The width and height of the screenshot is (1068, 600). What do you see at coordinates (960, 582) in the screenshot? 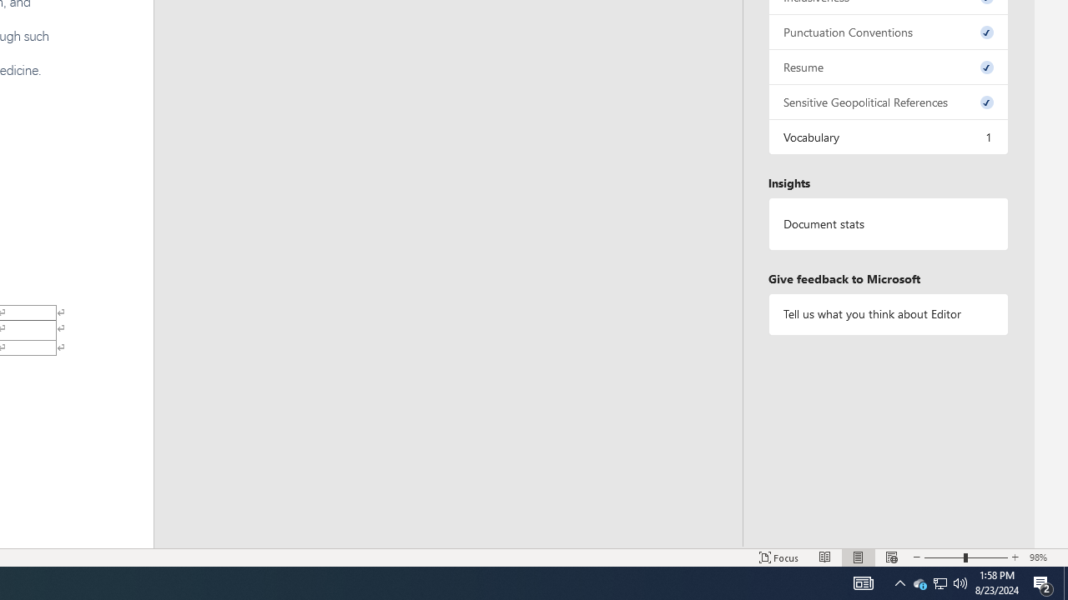
I see `'Q2790: 100%'` at bounding box center [960, 582].